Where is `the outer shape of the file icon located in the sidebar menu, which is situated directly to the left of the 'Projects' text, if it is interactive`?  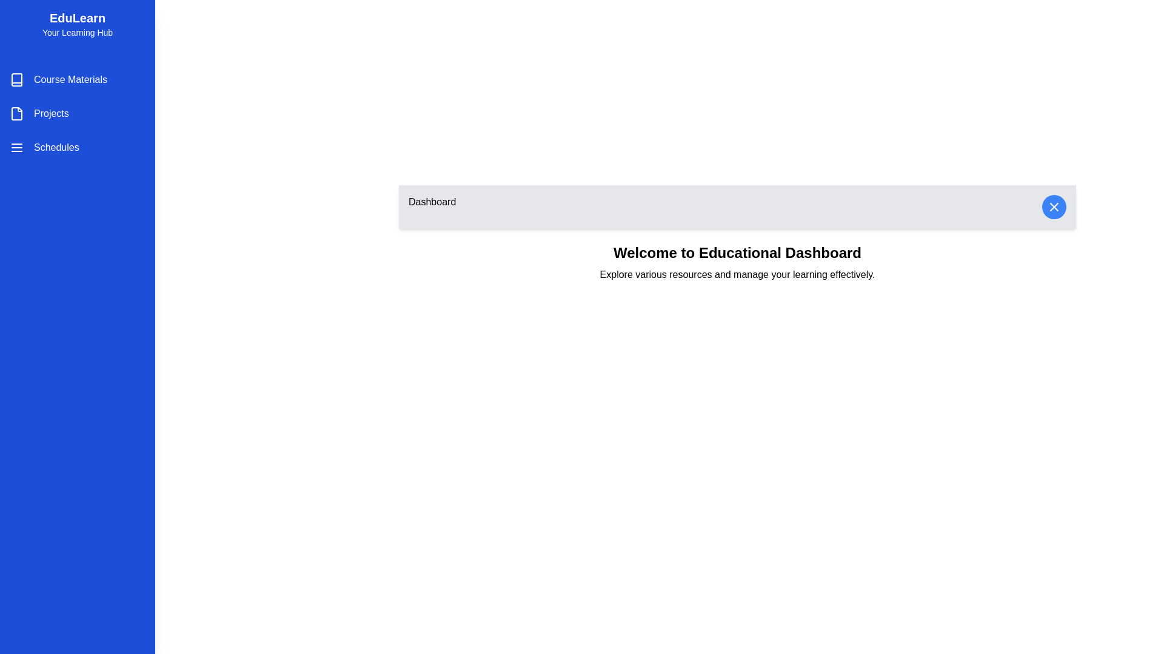
the outer shape of the file icon located in the sidebar menu, which is situated directly to the left of the 'Projects' text, if it is interactive is located at coordinates (17, 114).